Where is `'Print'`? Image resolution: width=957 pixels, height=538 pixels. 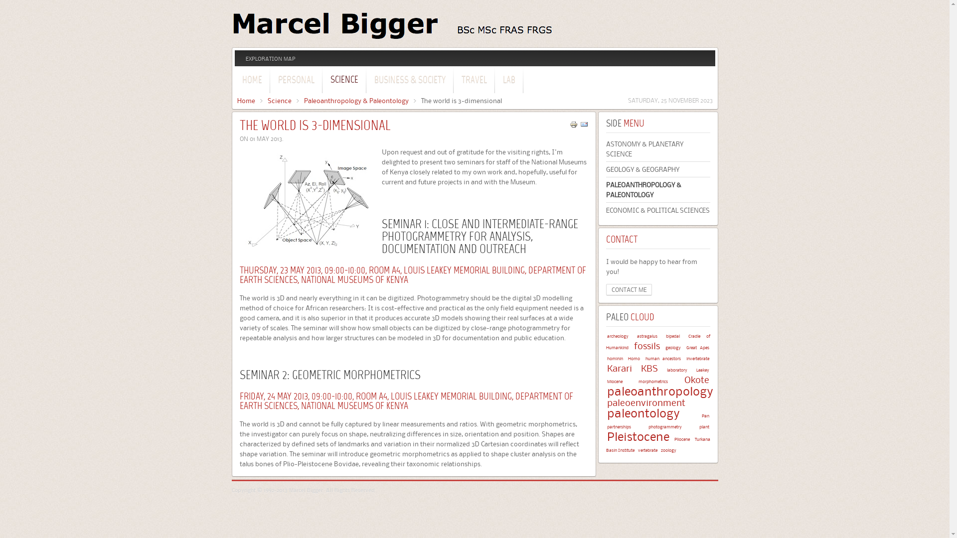 'Print' is located at coordinates (573, 126).